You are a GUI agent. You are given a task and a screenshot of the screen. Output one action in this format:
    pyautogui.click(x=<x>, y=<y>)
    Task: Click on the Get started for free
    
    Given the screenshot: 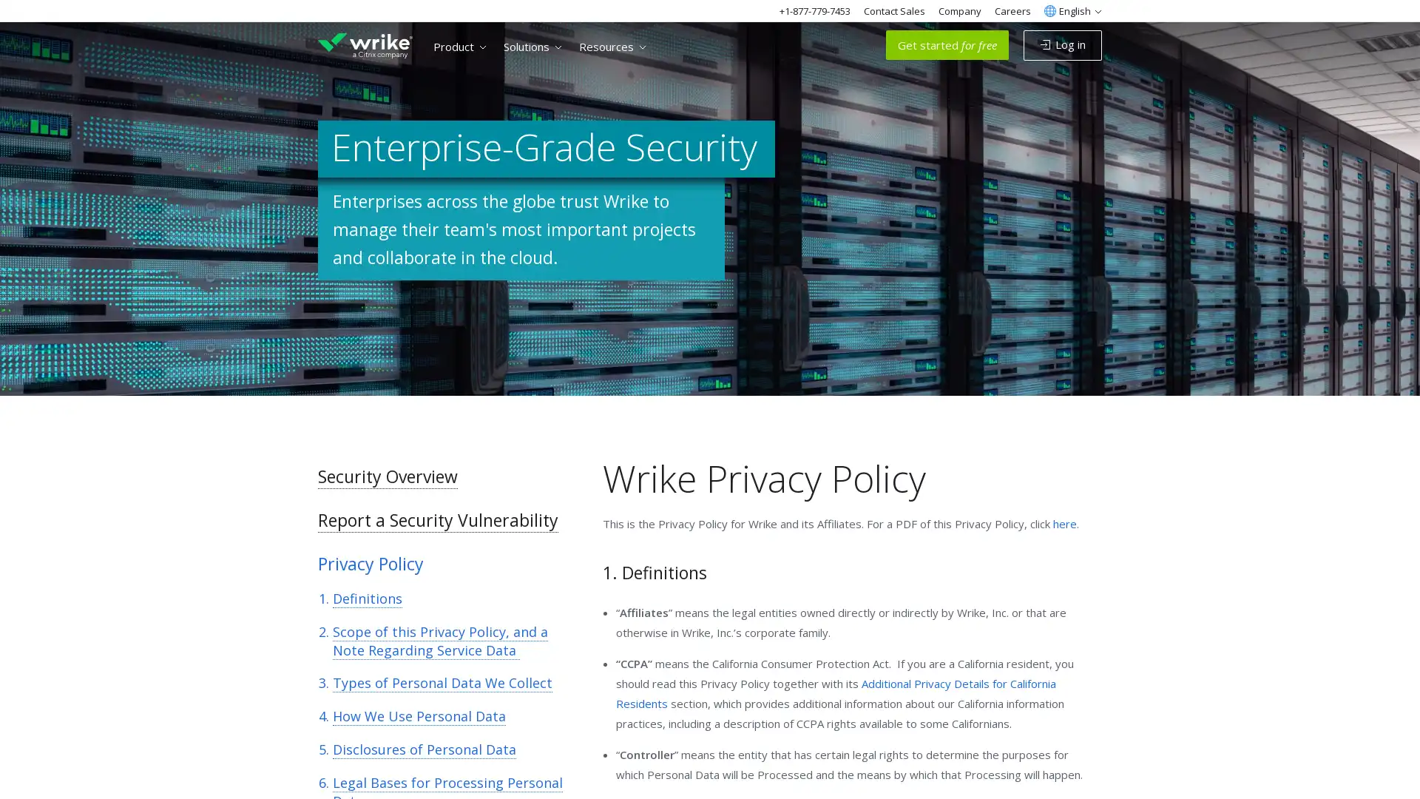 What is the action you would take?
    pyautogui.click(x=947, y=44)
    